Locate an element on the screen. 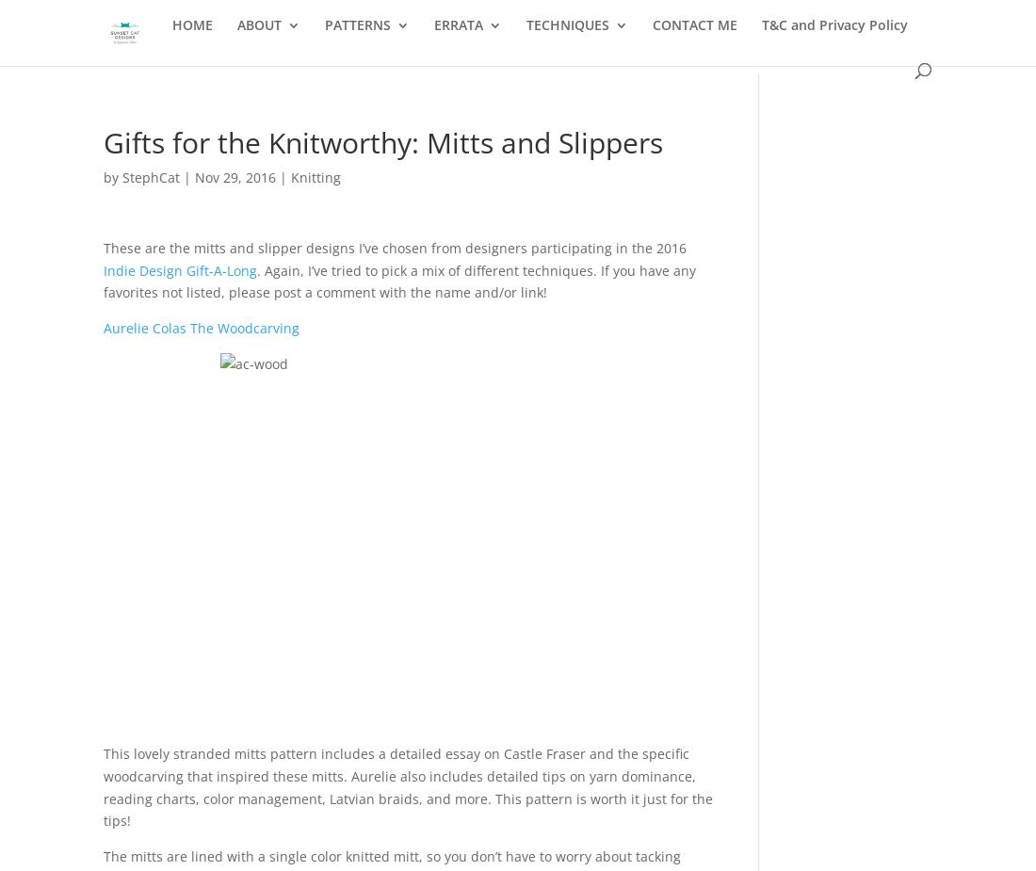  'ERRATA' is located at coordinates (458, 36).